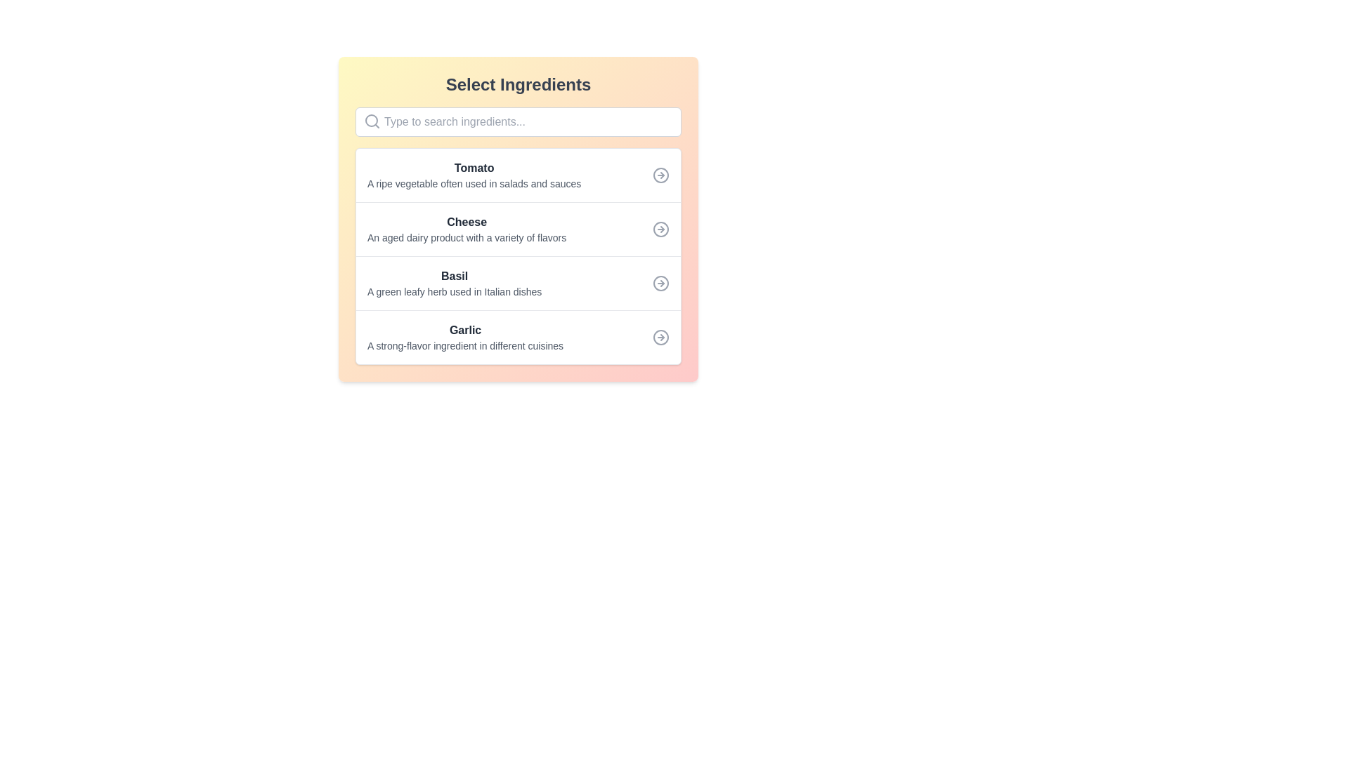 This screenshot has height=758, width=1349. Describe the element at coordinates (372, 121) in the screenshot. I see `the search icon located at the top-left corner of the input field, which indicates the search functionality` at that location.